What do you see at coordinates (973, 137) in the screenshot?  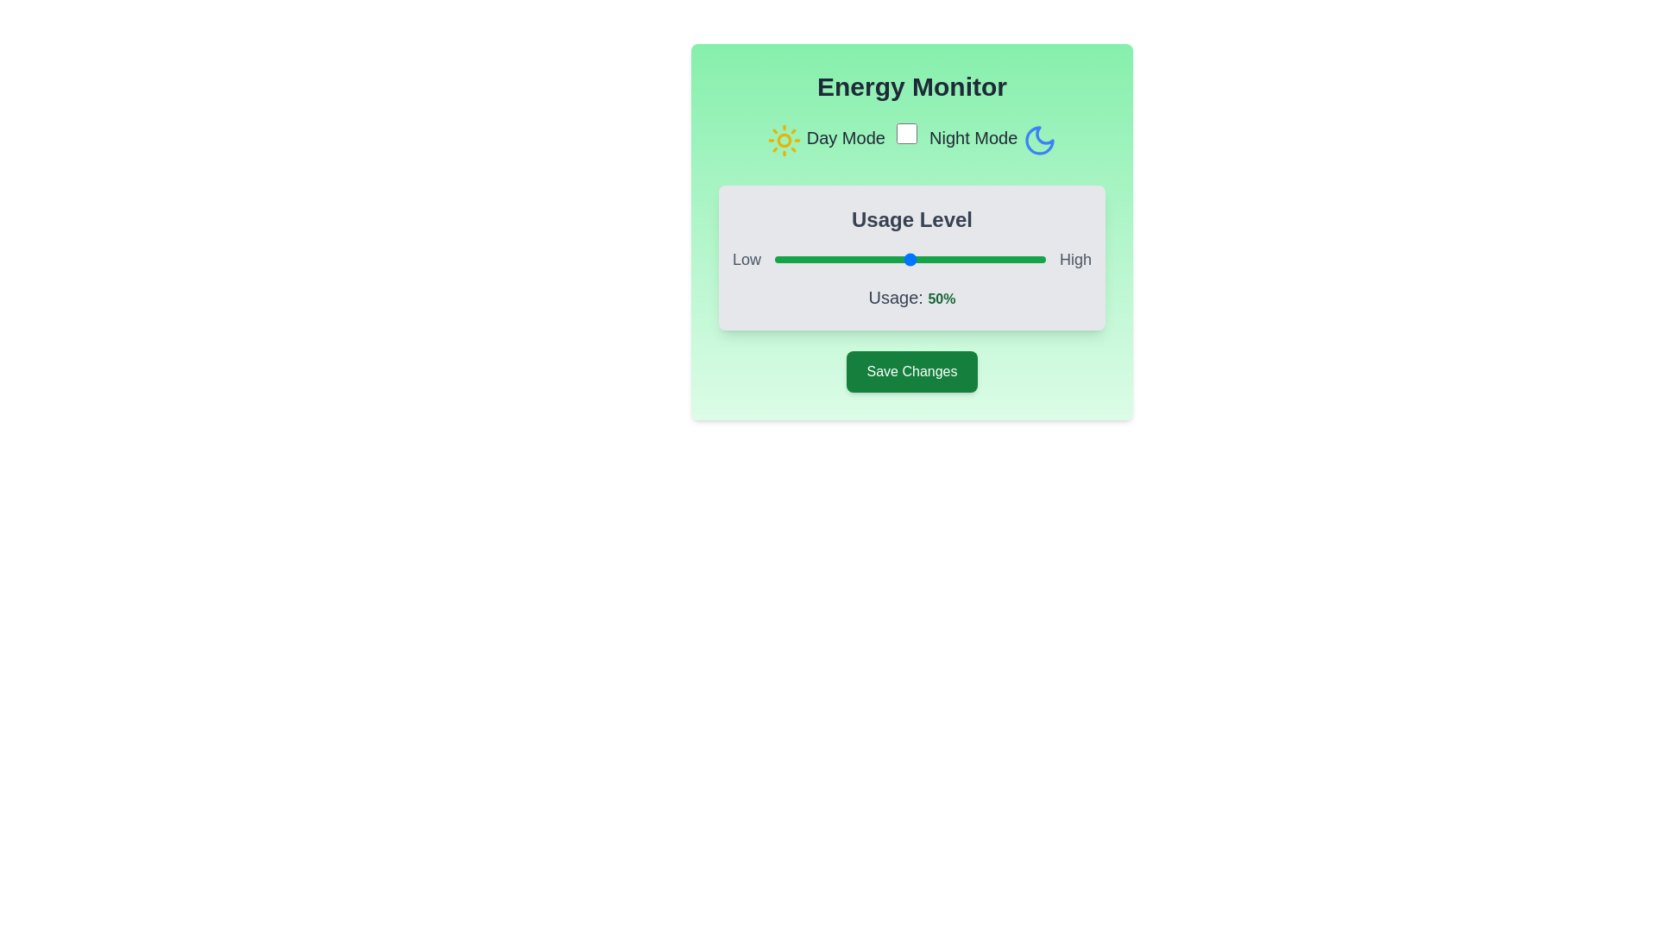 I see `the night mode label, which is located to the right of a checkbox and adjacent to a crescent moon icon, to identify its functionality` at bounding box center [973, 137].